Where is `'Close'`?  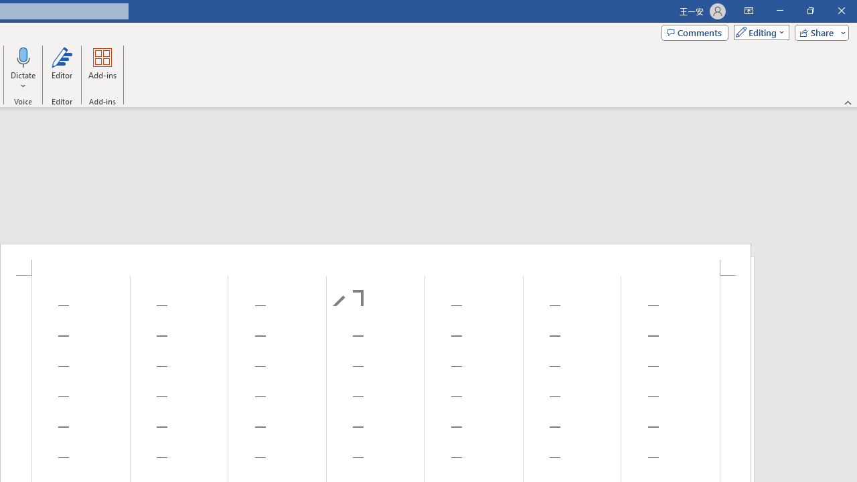 'Close' is located at coordinates (840, 11).